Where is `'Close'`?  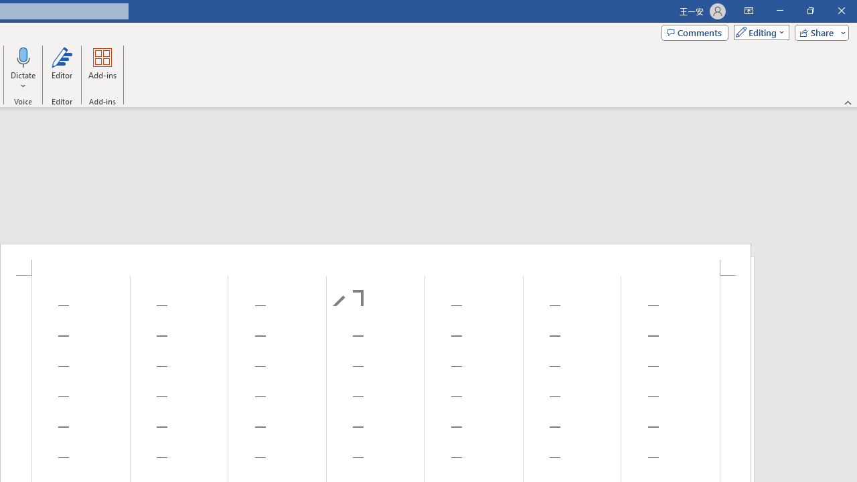 'Close' is located at coordinates (840, 11).